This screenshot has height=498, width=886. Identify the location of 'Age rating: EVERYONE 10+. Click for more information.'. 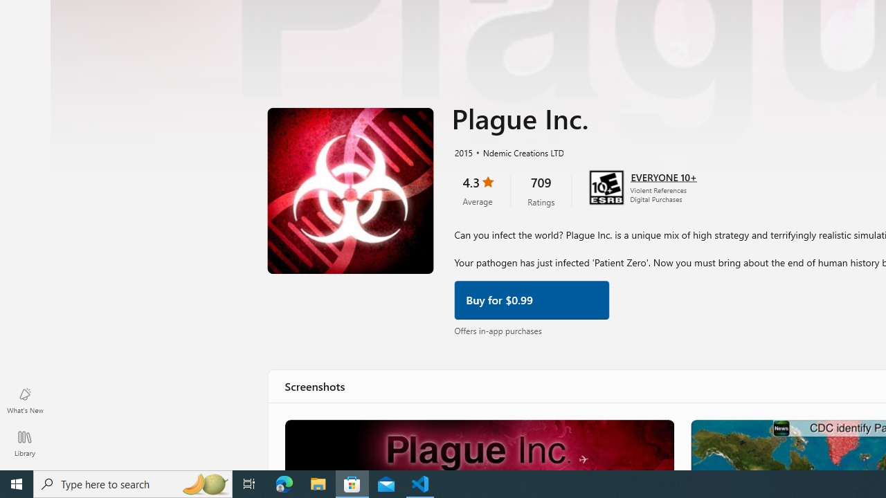
(662, 175).